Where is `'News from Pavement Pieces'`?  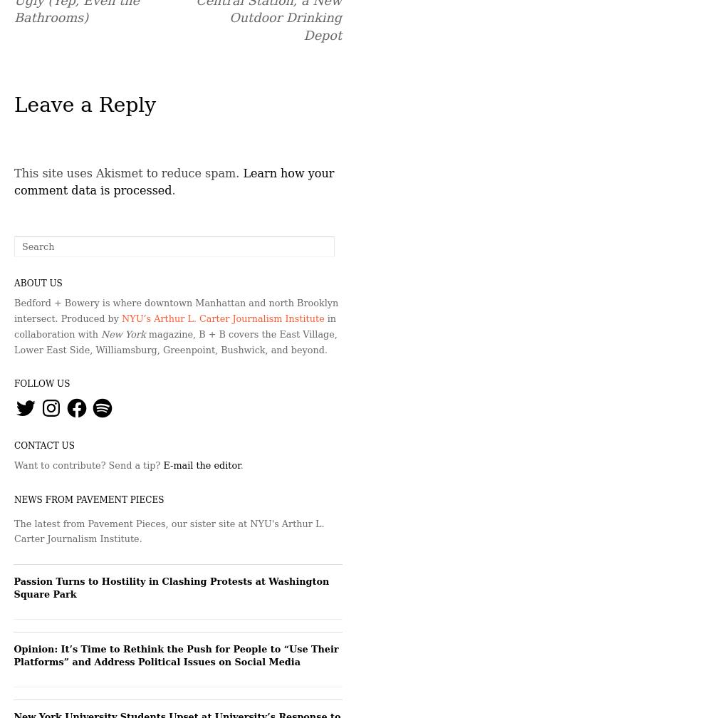
'News from Pavement Pieces' is located at coordinates (88, 499).